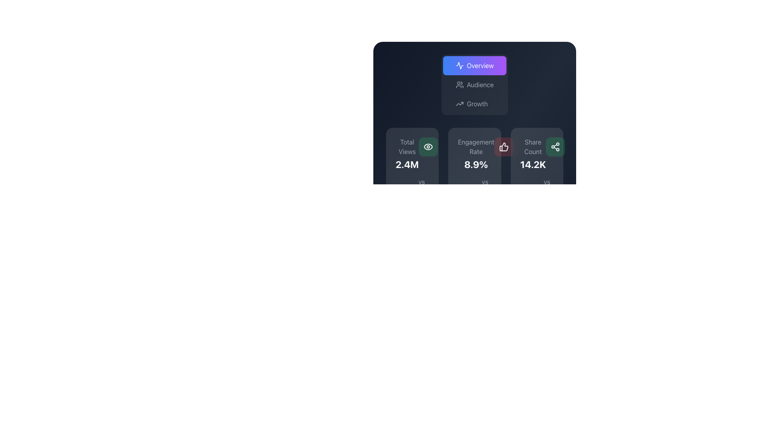 The width and height of the screenshot is (765, 430). I want to click on the Text label displaying the engagement rate percentage located within the 'Engagement Rate' card, positioned below the label text 'Engagement Rate', so click(476, 164).